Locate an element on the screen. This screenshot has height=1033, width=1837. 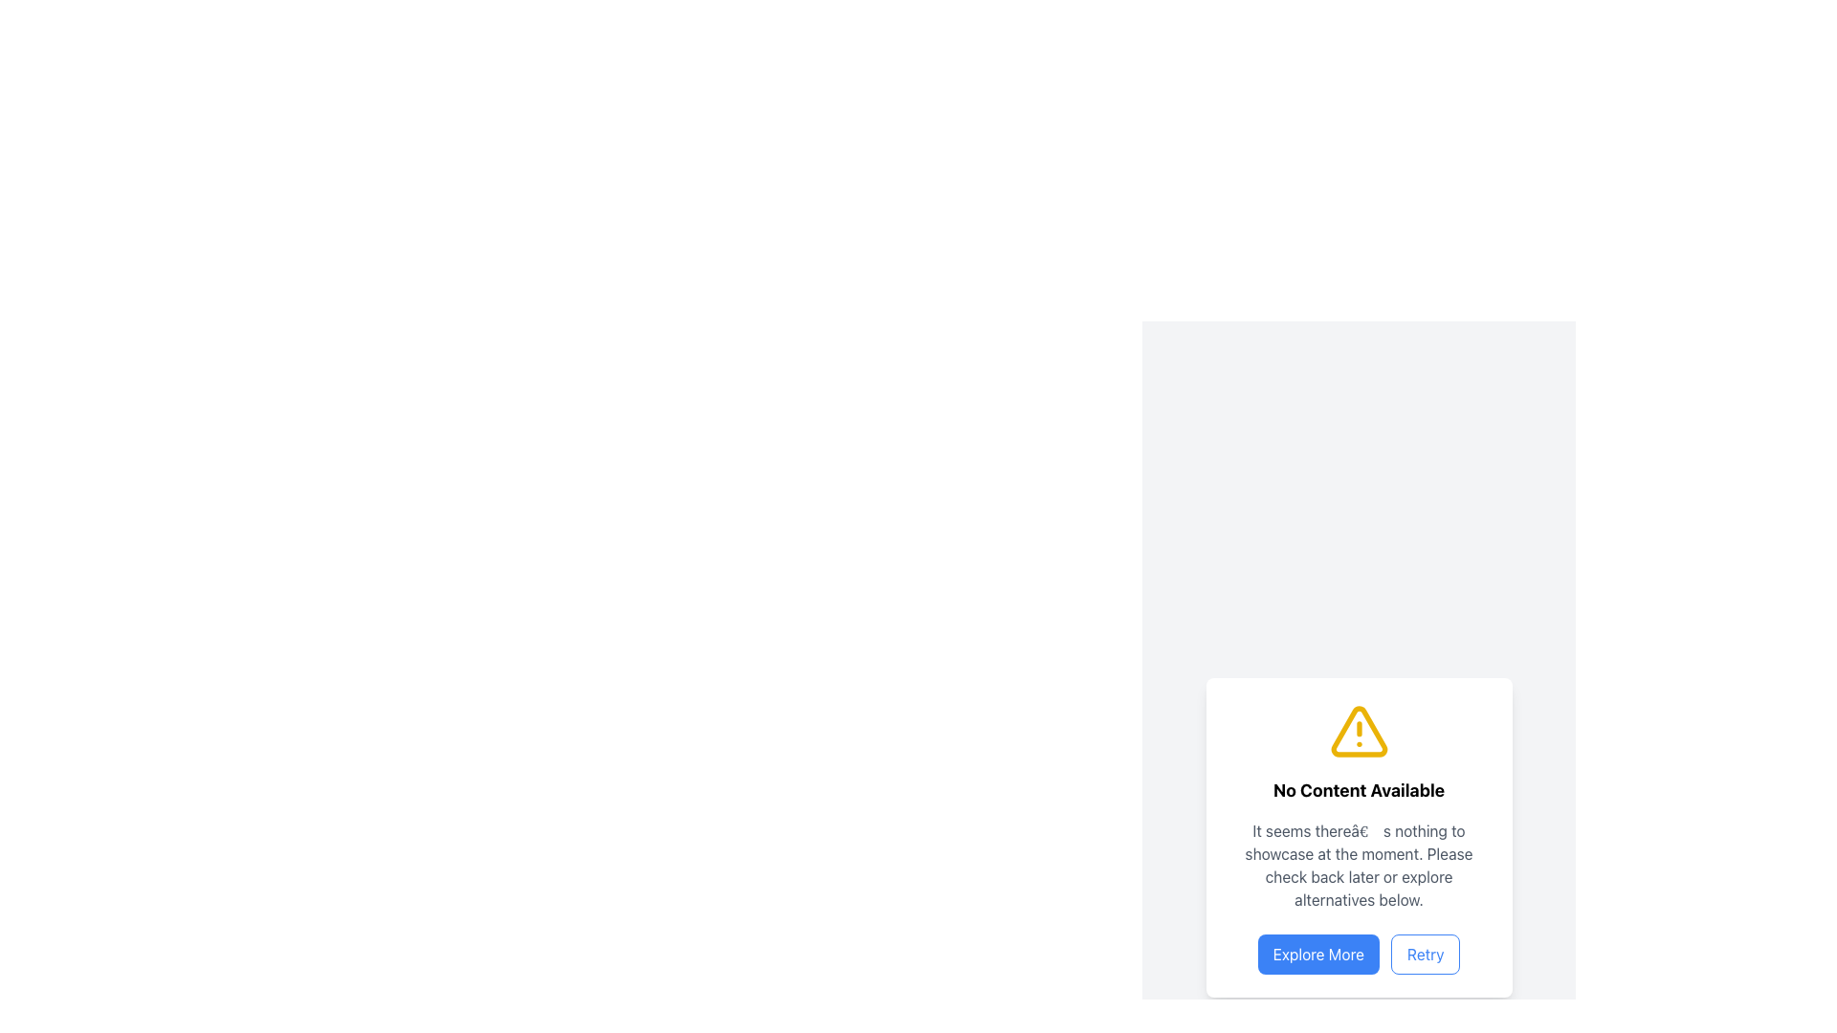
the 'Retry' button located at the bottom of the notification panel to observe hover effects is located at coordinates (1426, 955).